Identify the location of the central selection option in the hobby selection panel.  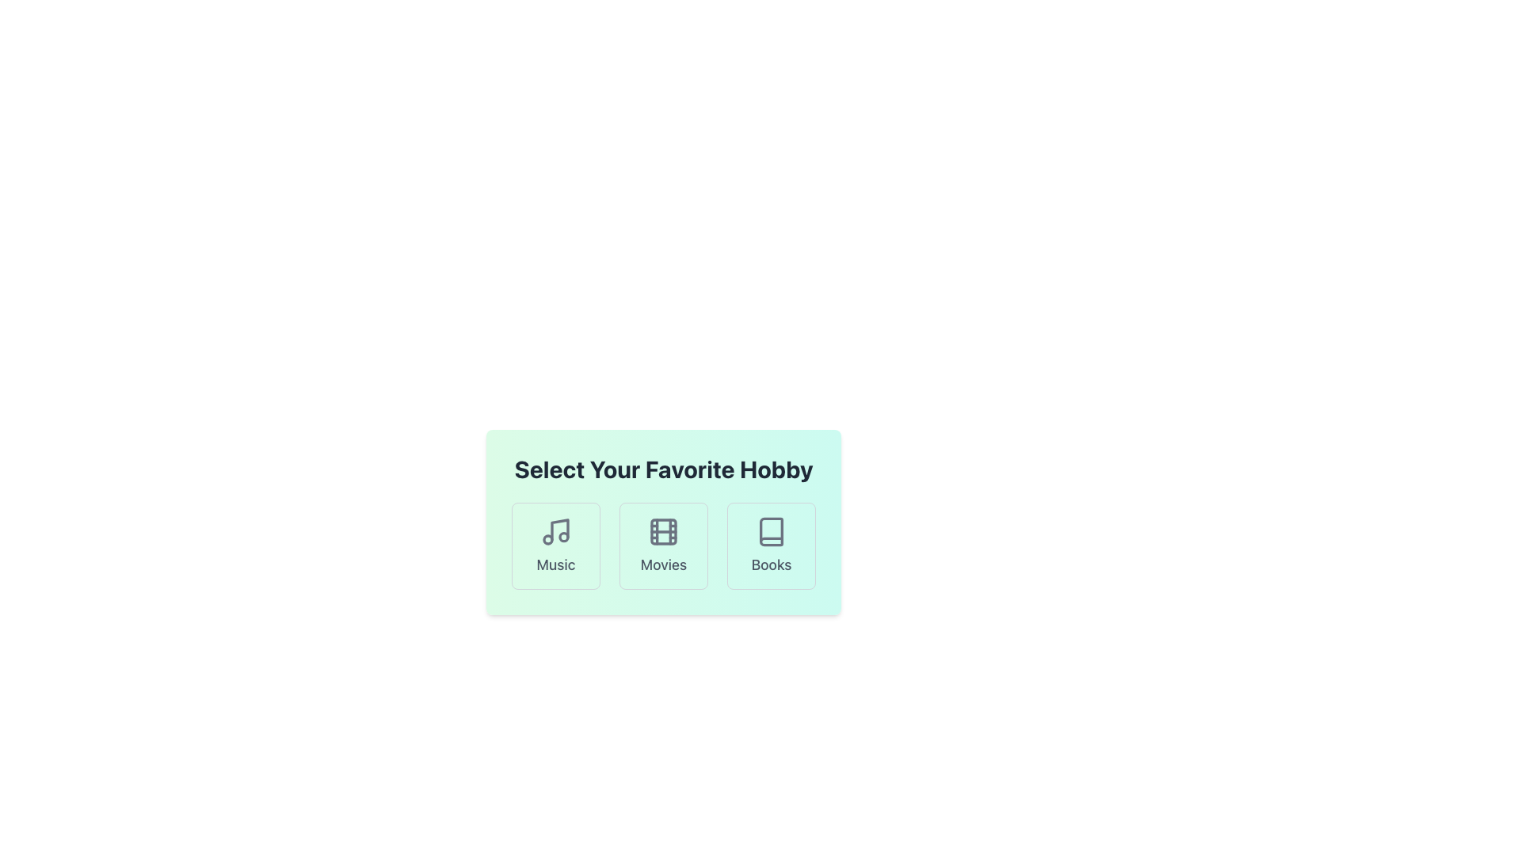
(664, 522).